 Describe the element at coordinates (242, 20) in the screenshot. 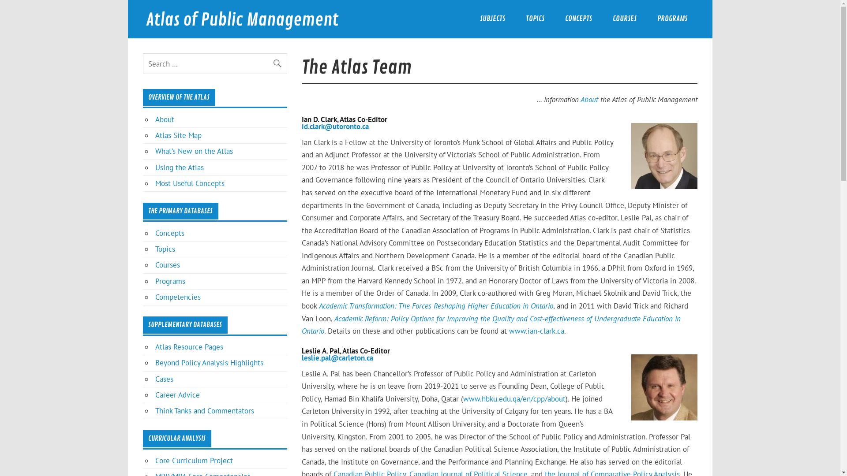

I see `'Atlas of Public Management'` at that location.